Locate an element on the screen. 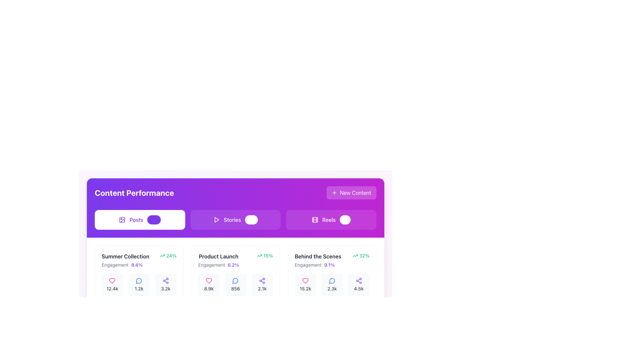 Image resolution: width=634 pixels, height=356 pixels. the Text display that shows the engagement percentage for the 'Product Launch' content item, located in the lower section of the 'Product Launch' card in the middle column of the content table is located at coordinates (219, 264).